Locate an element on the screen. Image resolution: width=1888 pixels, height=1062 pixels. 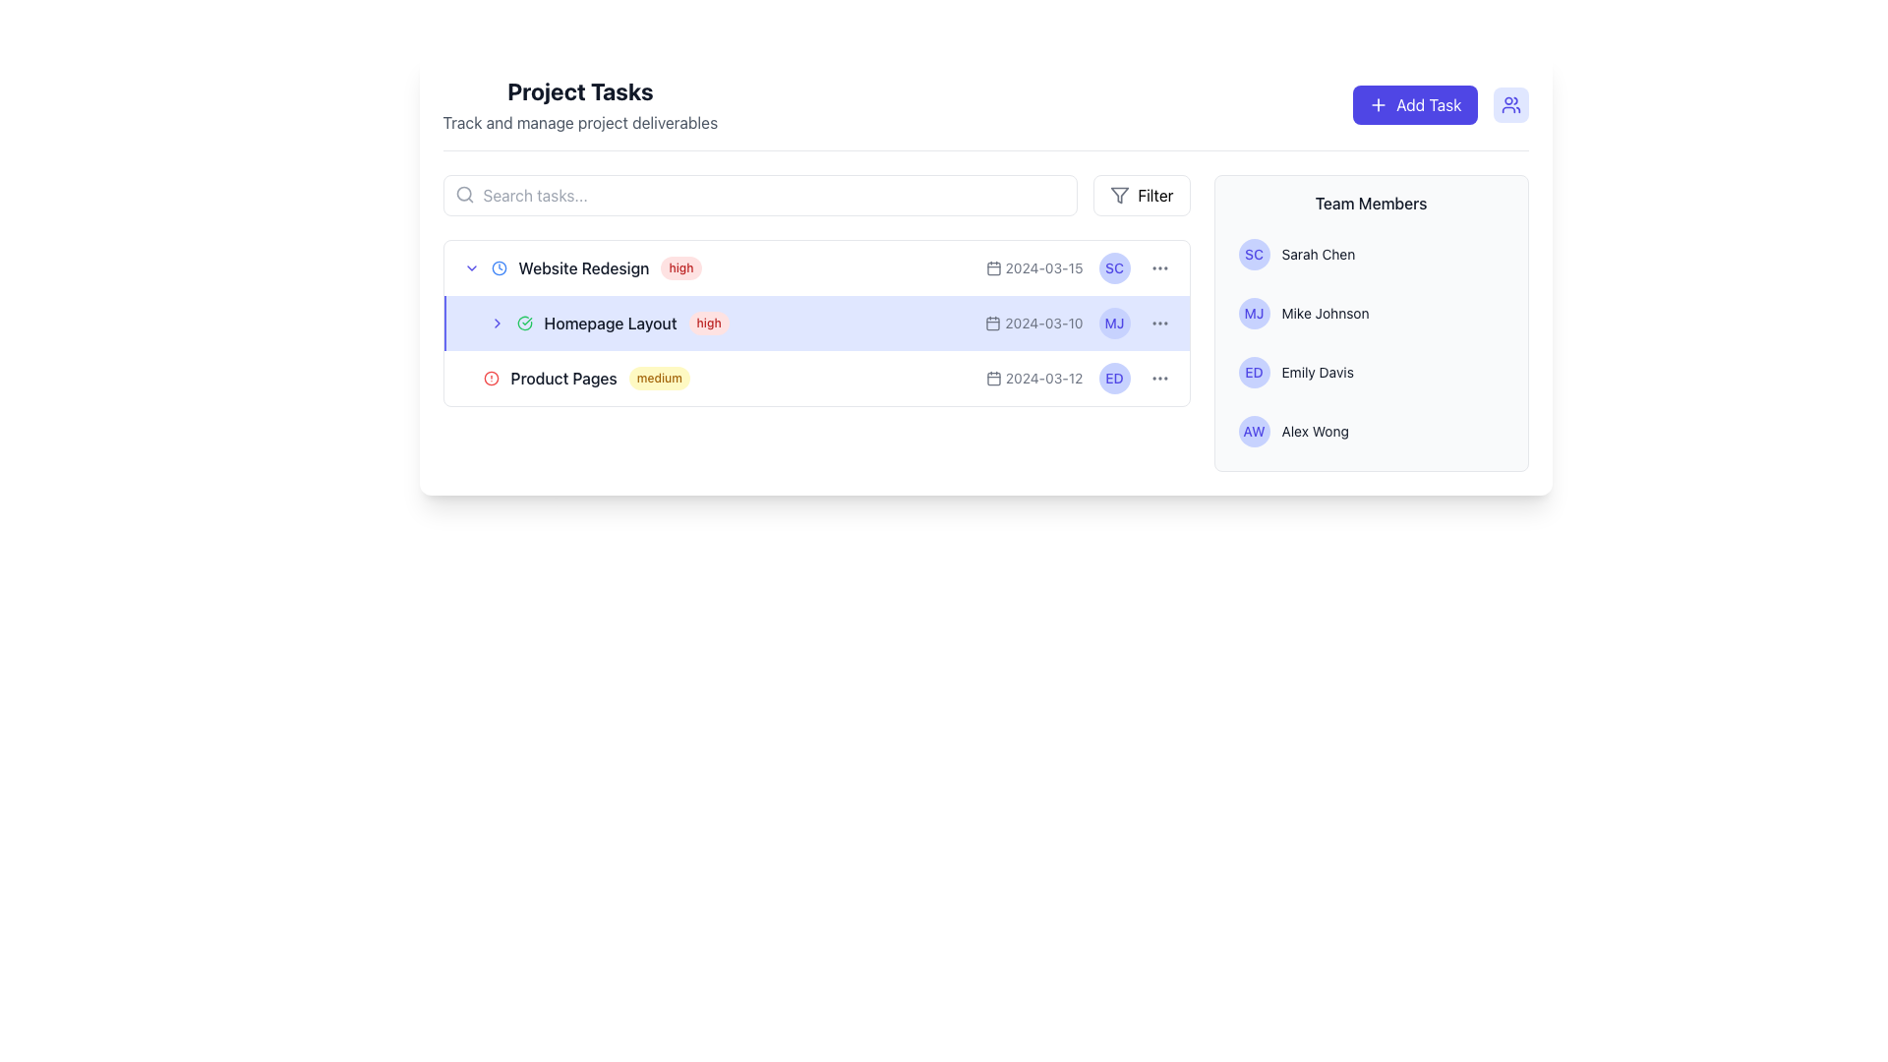
the calendar icon within the SVG, which represents date-related information for the task row in the 'Product Pages' interface is located at coordinates (993, 379).